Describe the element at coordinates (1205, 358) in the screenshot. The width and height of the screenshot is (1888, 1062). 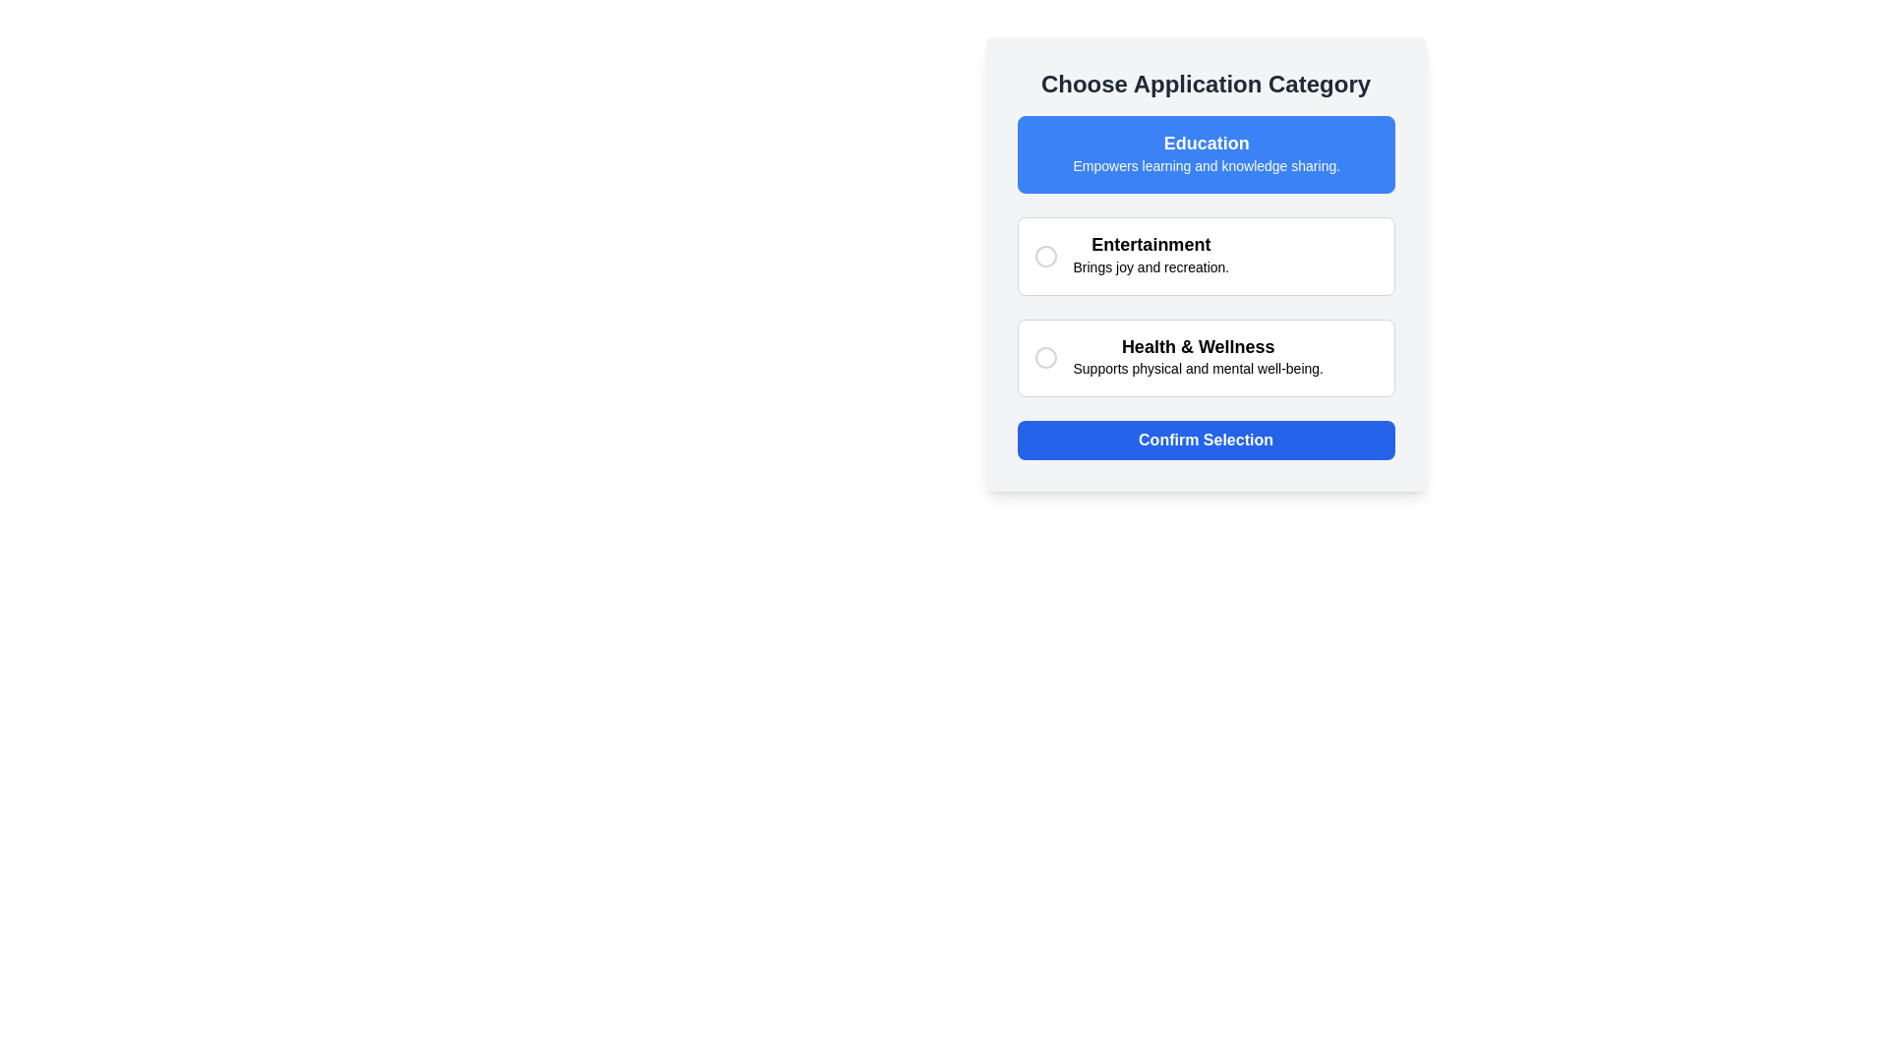
I see `the 'Health & Wellness' option` at that location.